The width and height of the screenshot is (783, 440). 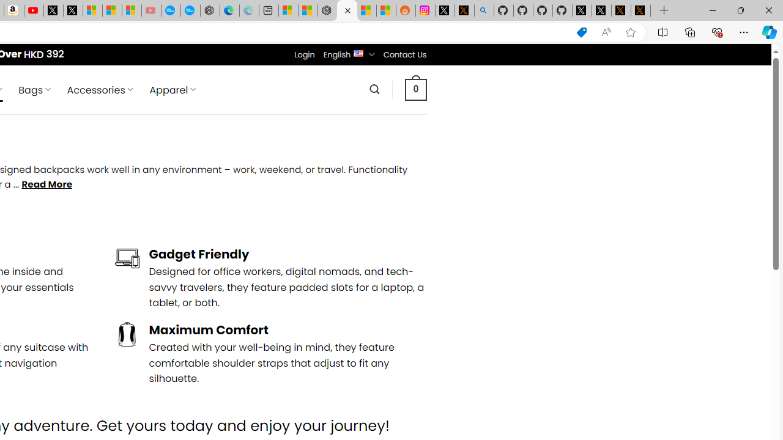 What do you see at coordinates (601, 10) in the screenshot?
I see `'GitHub (@github) / X'` at bounding box center [601, 10].